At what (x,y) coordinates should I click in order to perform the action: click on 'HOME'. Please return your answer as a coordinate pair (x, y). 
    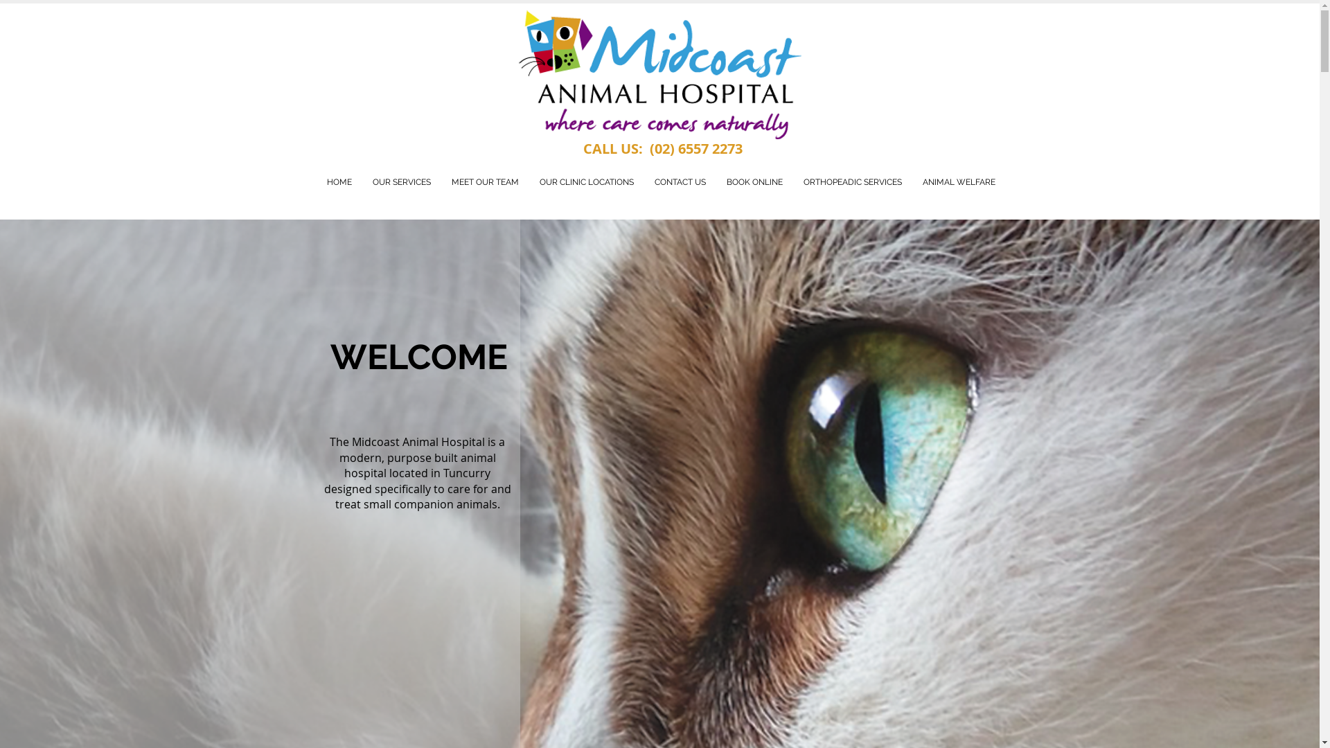
    Looking at the image, I should click on (339, 181).